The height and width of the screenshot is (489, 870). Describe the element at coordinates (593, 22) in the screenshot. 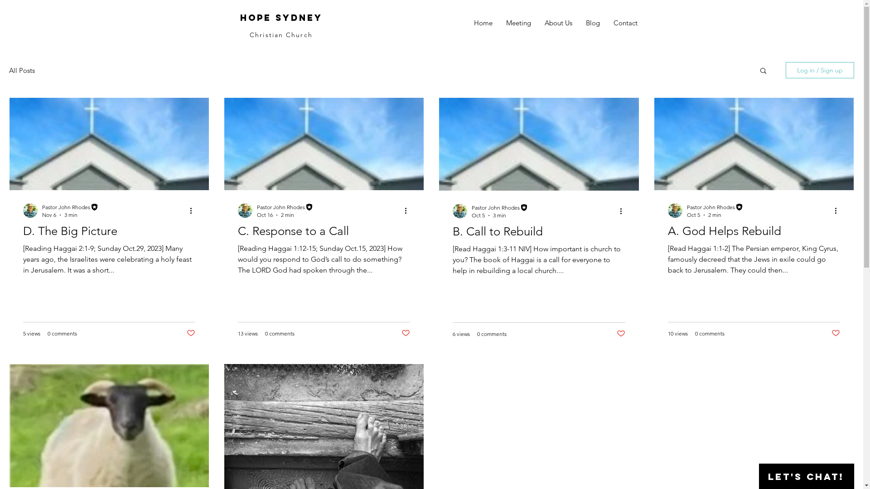

I see `'Blog'` at that location.